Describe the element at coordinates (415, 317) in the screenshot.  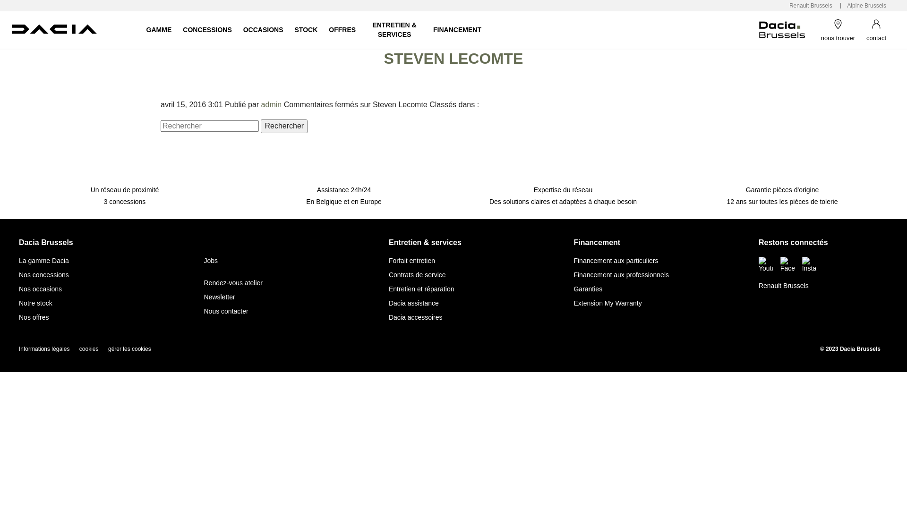
I see `'Dacia accessoires'` at that location.